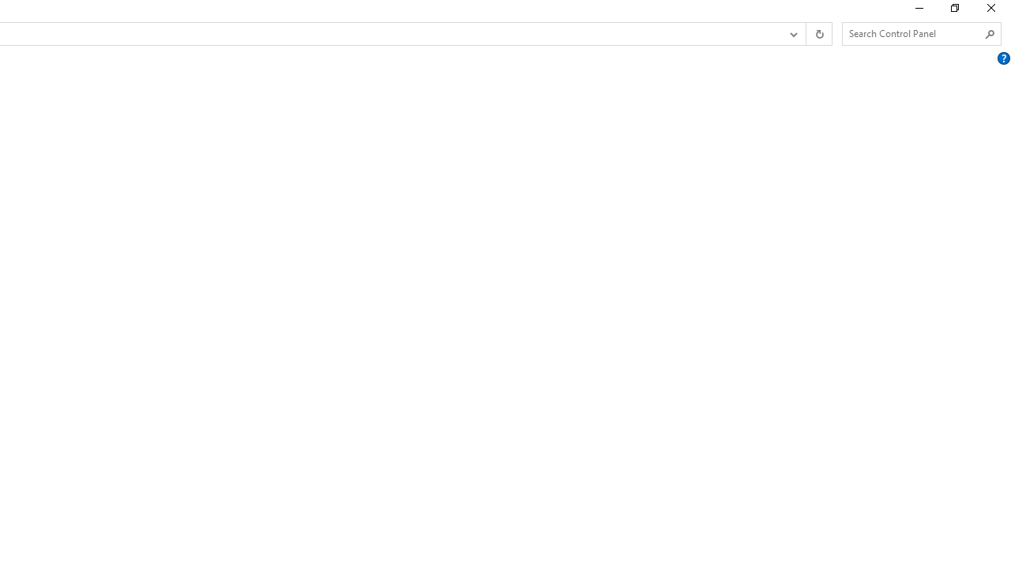 Image resolution: width=1011 pixels, height=568 pixels. Describe the element at coordinates (953, 12) in the screenshot. I see `'Restore'` at that location.